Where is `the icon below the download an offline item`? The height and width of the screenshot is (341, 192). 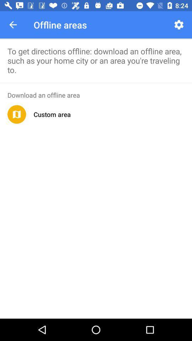 the icon below the download an offline item is located at coordinates (52, 114).